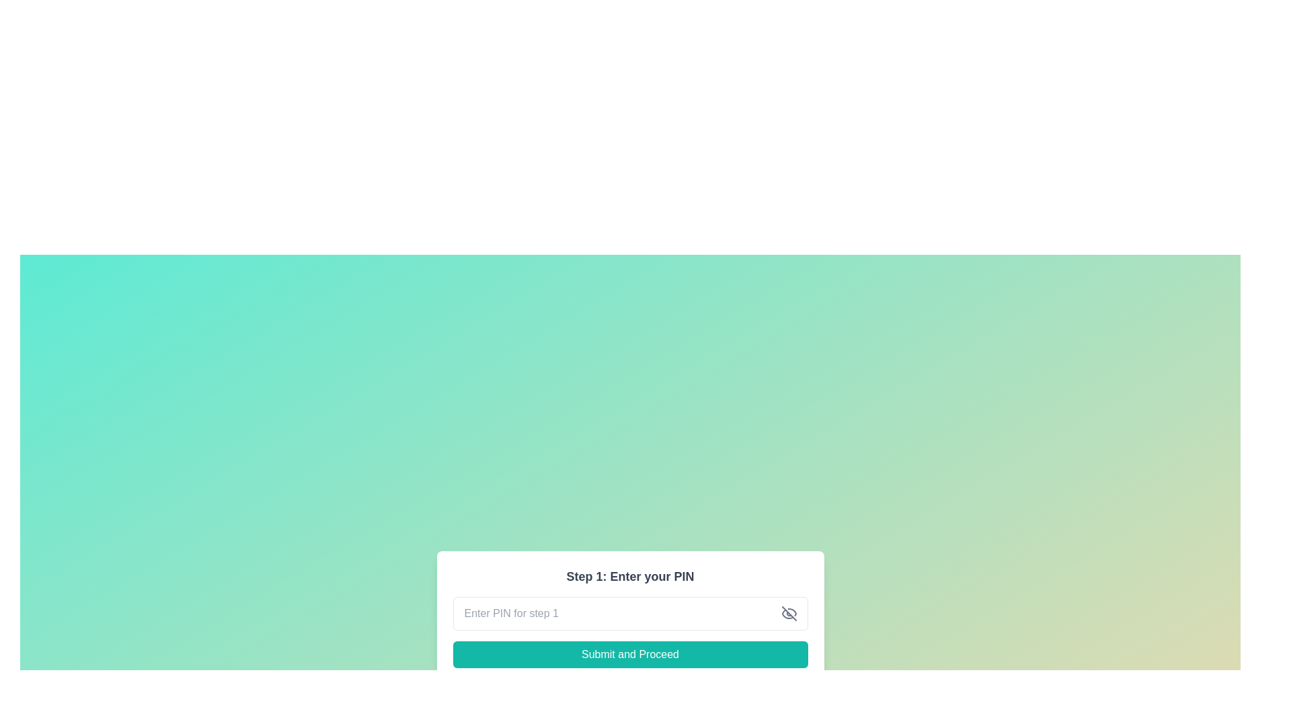 The height and width of the screenshot is (726, 1291). Describe the element at coordinates (789, 614) in the screenshot. I see `the eye icon button within the 'Enter PIN for step 1' password input field` at that location.